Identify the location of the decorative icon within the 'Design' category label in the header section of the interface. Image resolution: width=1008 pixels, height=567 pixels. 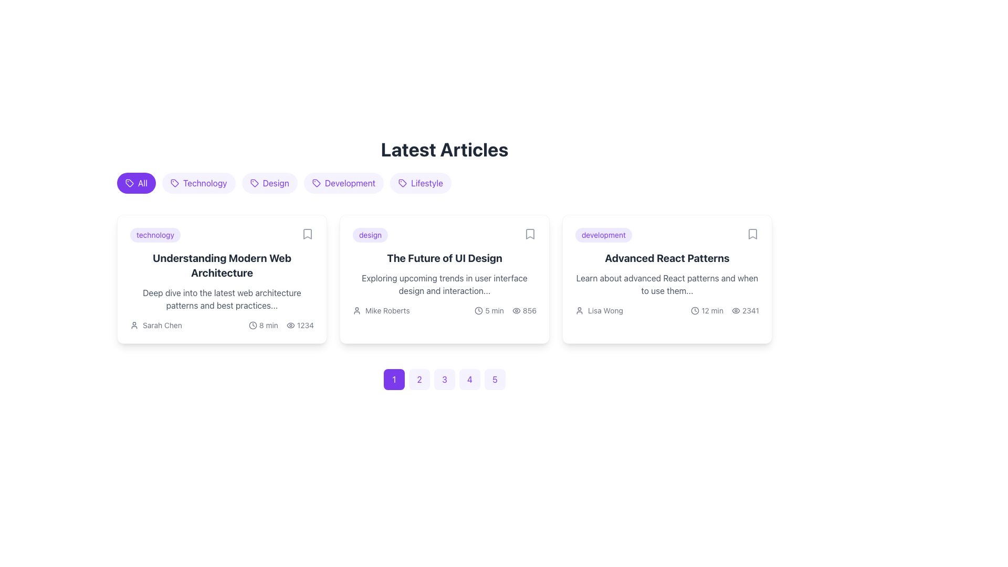
(254, 182).